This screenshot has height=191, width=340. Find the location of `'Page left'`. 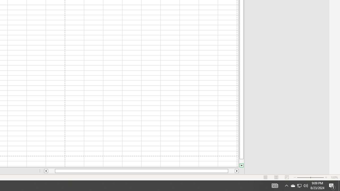

'Page left' is located at coordinates (51, 171).